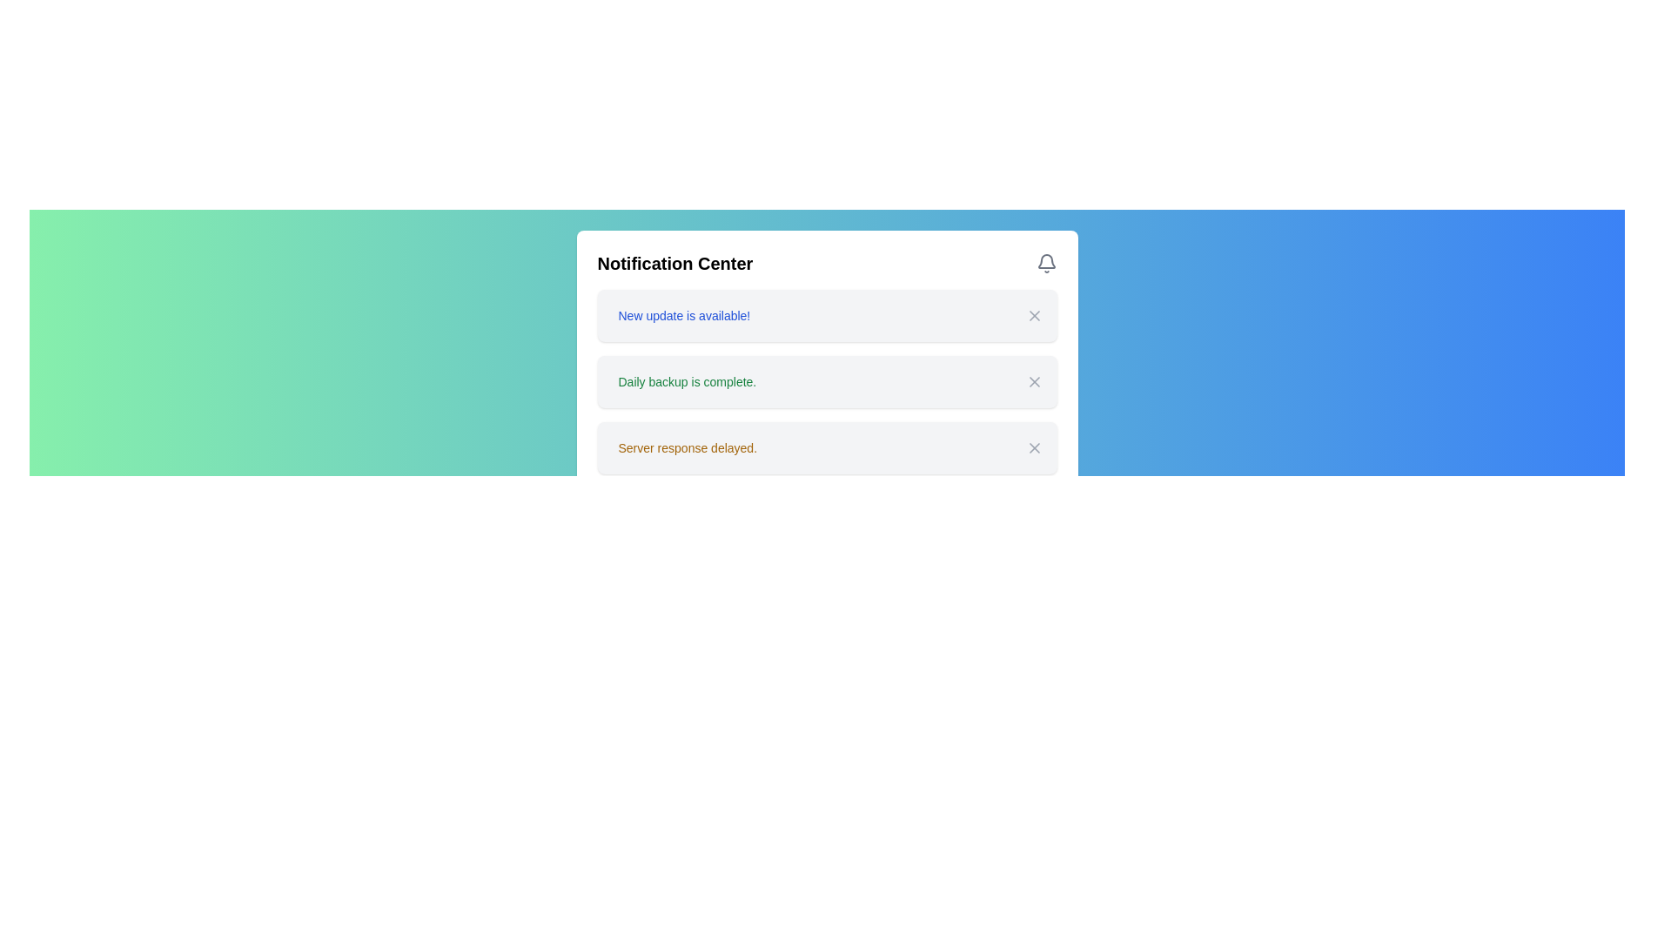 The height and width of the screenshot is (940, 1671). Describe the element at coordinates (1034, 447) in the screenshot. I see `the Close Button icon, which is an 'X' styled with diagonal lines, located to the right of the 'Server response delayed.' notification` at that location.